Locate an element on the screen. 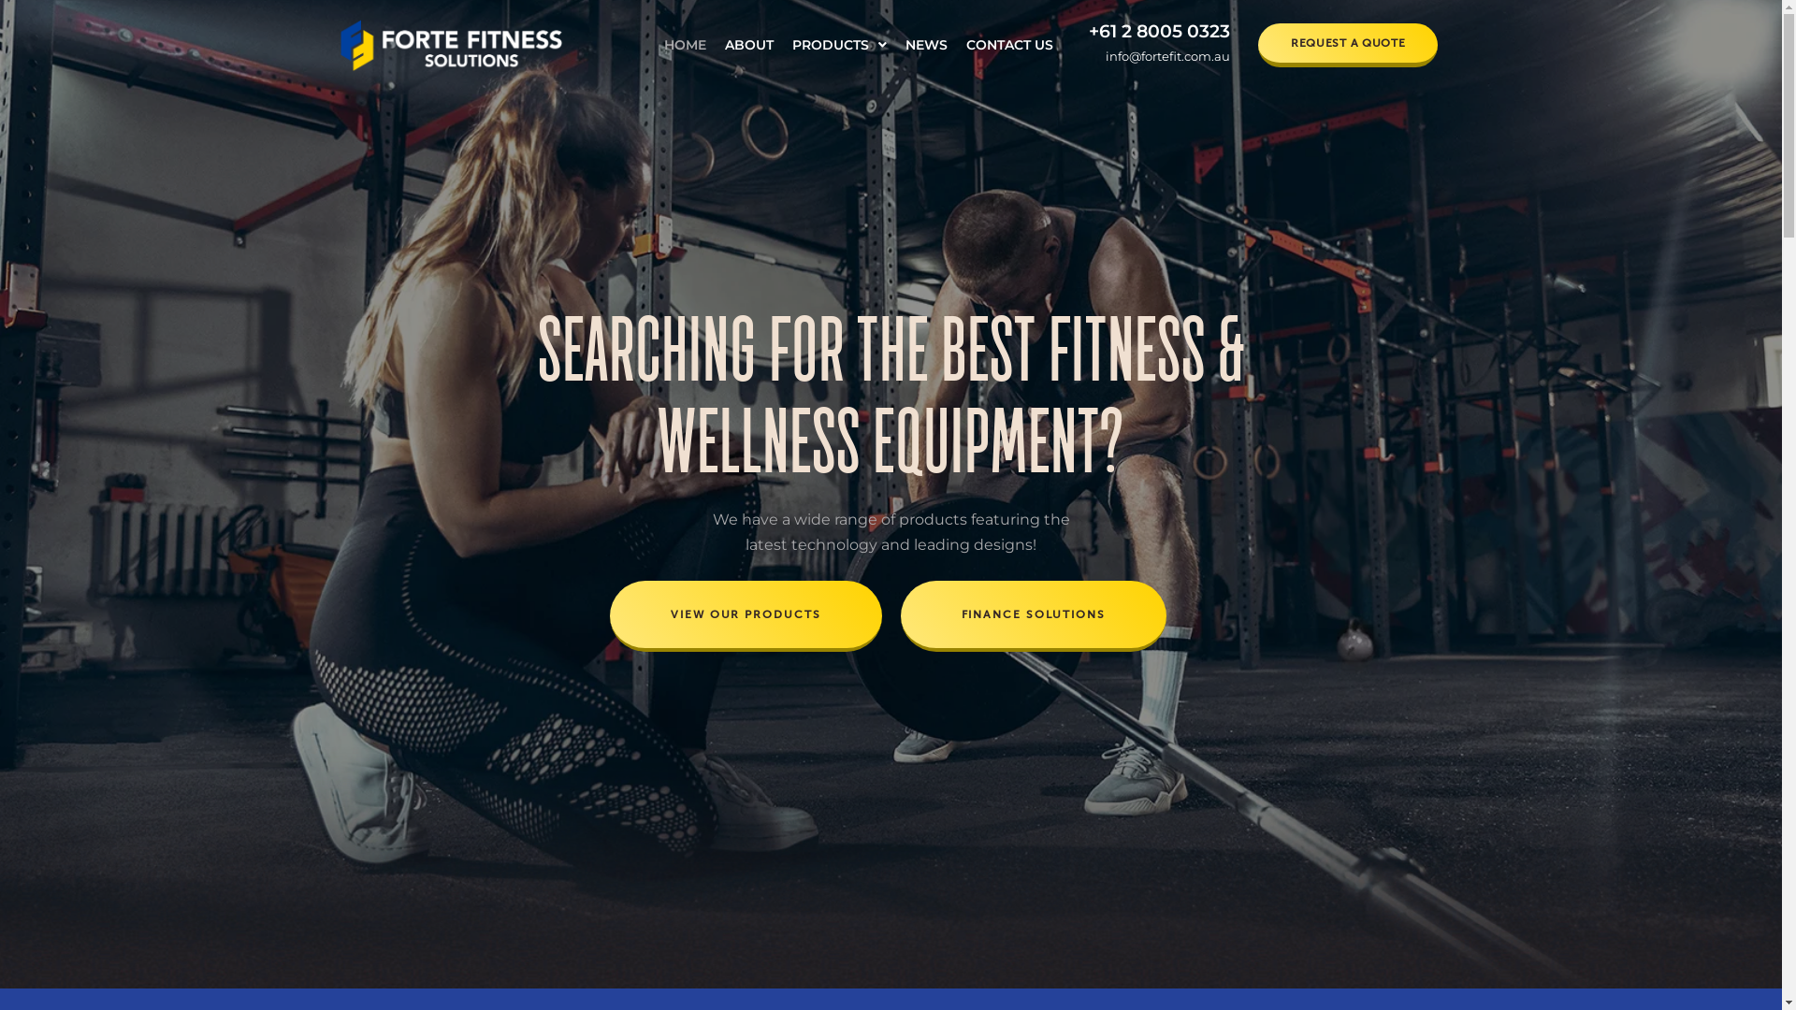  'CONTACT US' is located at coordinates (1008, 43).